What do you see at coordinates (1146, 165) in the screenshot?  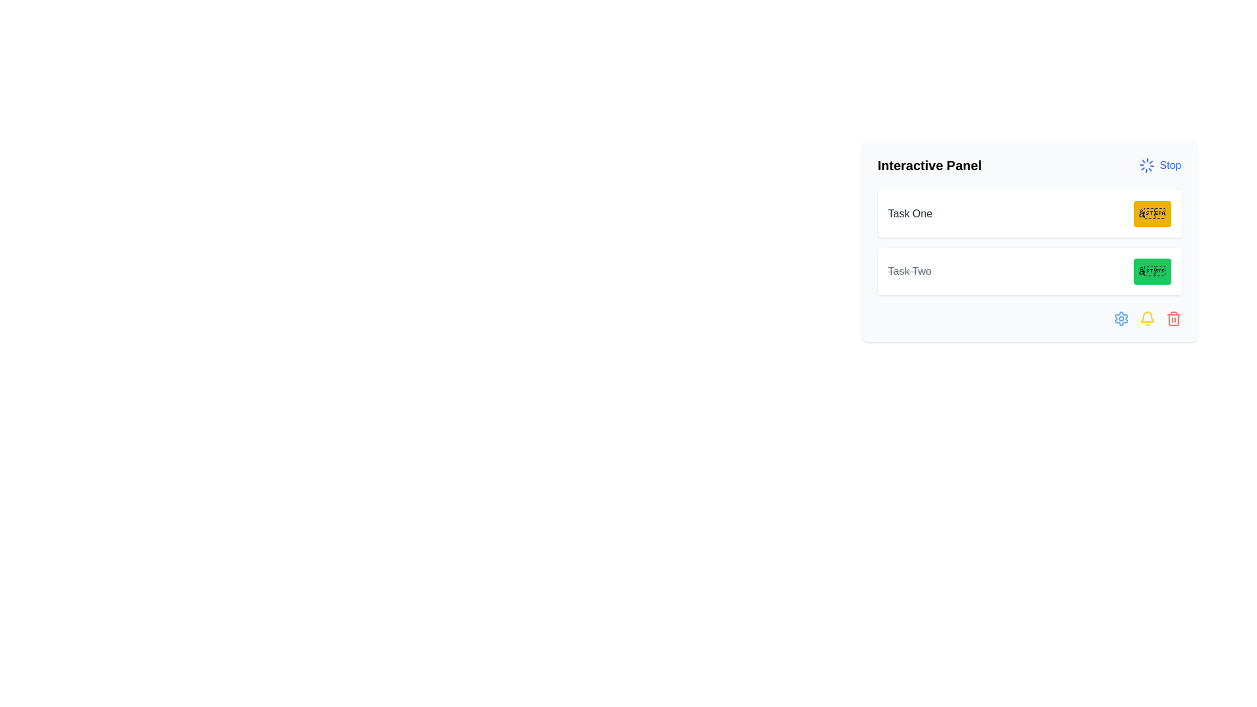 I see `the animation of the blue spinning loader icon located at the top-right of the Interactive Panel, next to the 'Stop' text label` at bounding box center [1146, 165].